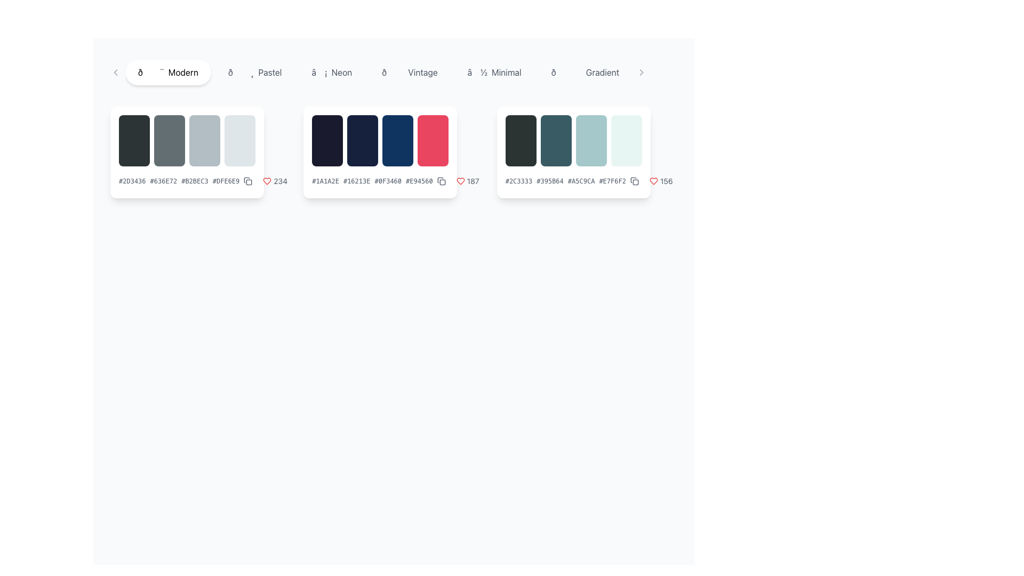  What do you see at coordinates (602, 72) in the screenshot?
I see `the 'Gradient' text label located on the right side of the horizontal navigation bar` at bounding box center [602, 72].